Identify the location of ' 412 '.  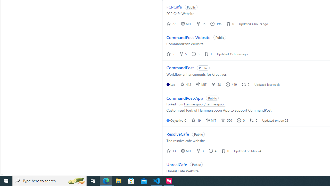
(186, 84).